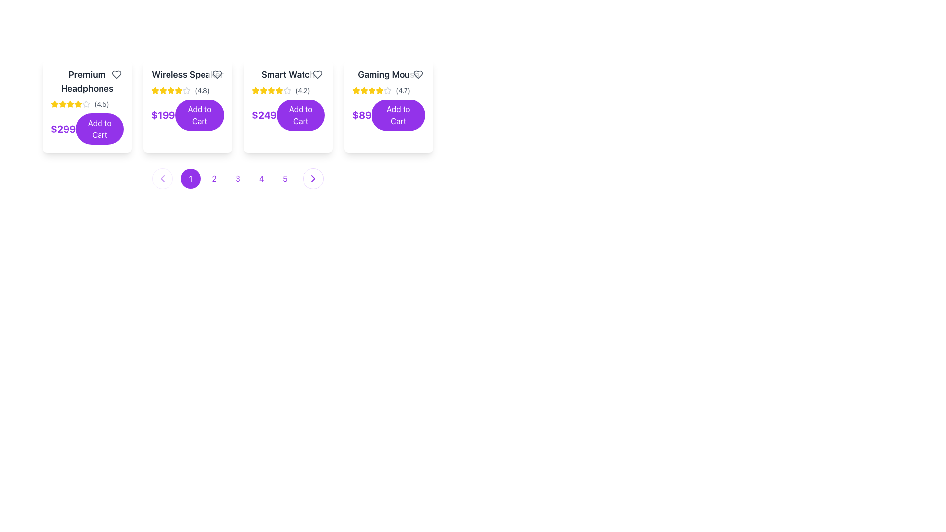 The width and height of the screenshot is (946, 532). What do you see at coordinates (379, 91) in the screenshot?
I see `the sixth yellow star icon in the rating component for the 'Gaming Mouse' product card` at bounding box center [379, 91].